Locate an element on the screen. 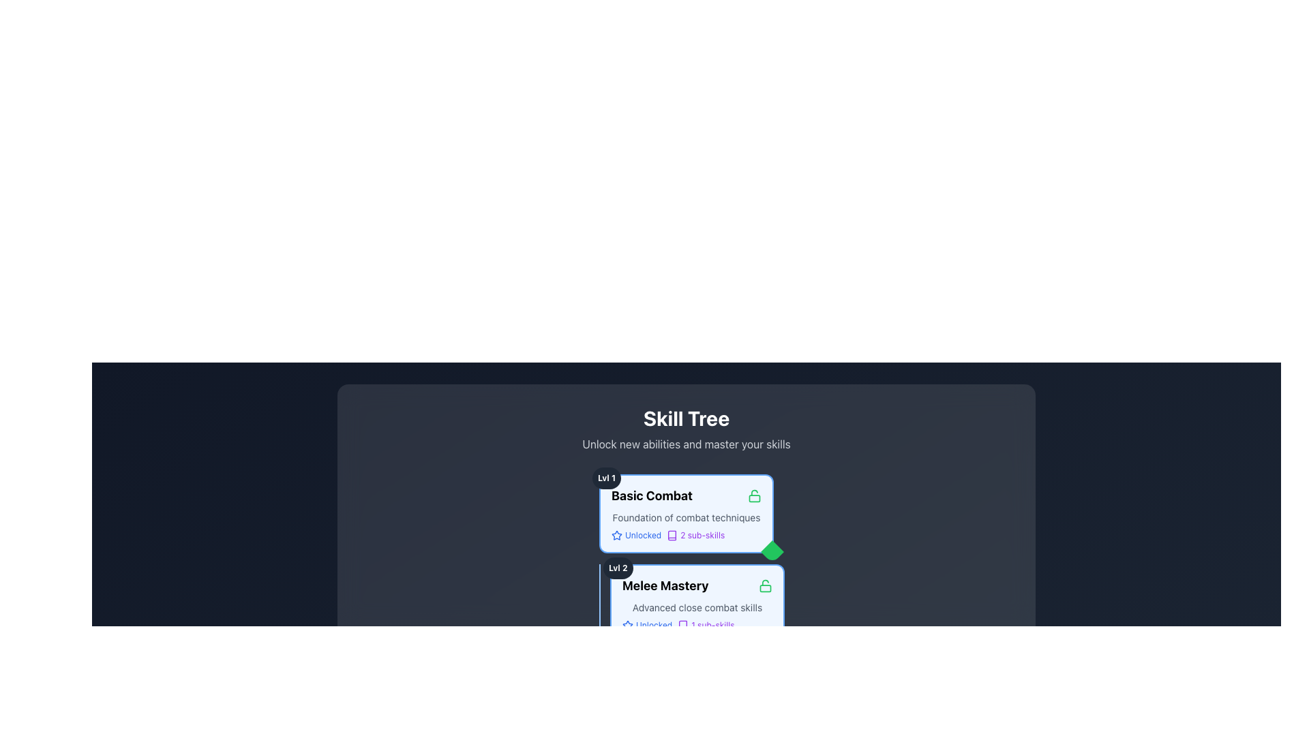 Image resolution: width=1309 pixels, height=736 pixels. skill details from the 'Melee Mastery' card component, which is styled with a light blue background and is the second node in the skill tree interface is located at coordinates (697, 609).